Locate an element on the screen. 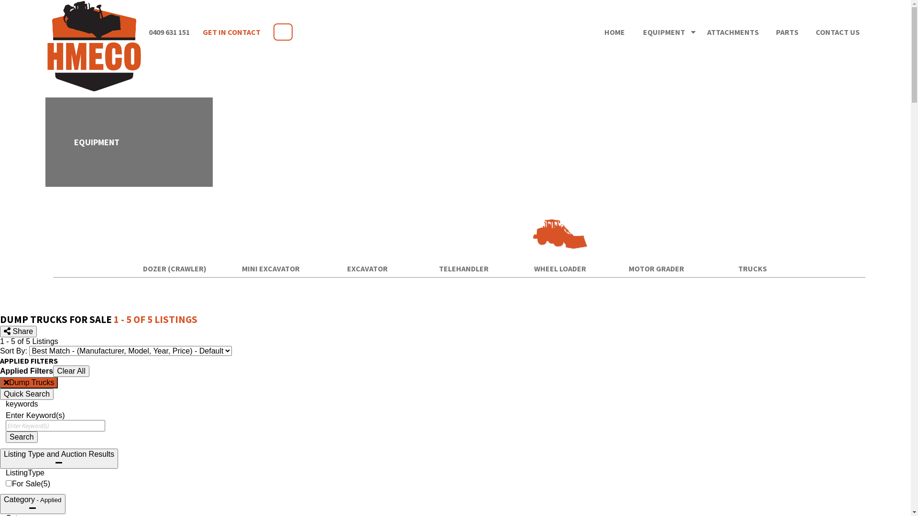 The width and height of the screenshot is (918, 516). 'TRUCKS' is located at coordinates (752, 269).